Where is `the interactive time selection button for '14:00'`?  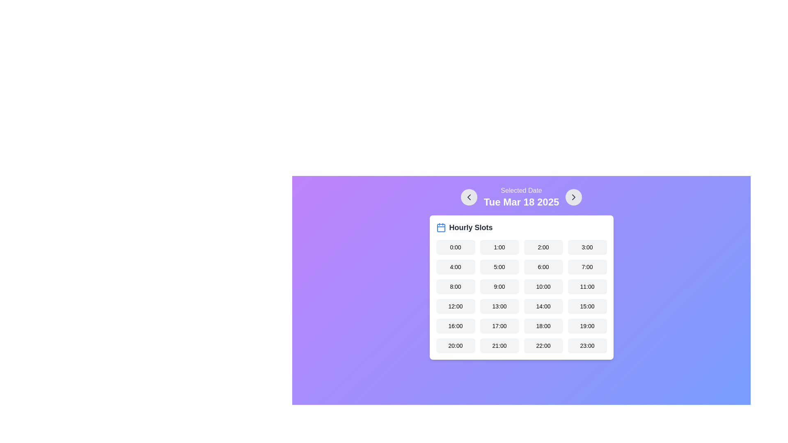 the interactive time selection button for '14:00' is located at coordinates (543, 306).